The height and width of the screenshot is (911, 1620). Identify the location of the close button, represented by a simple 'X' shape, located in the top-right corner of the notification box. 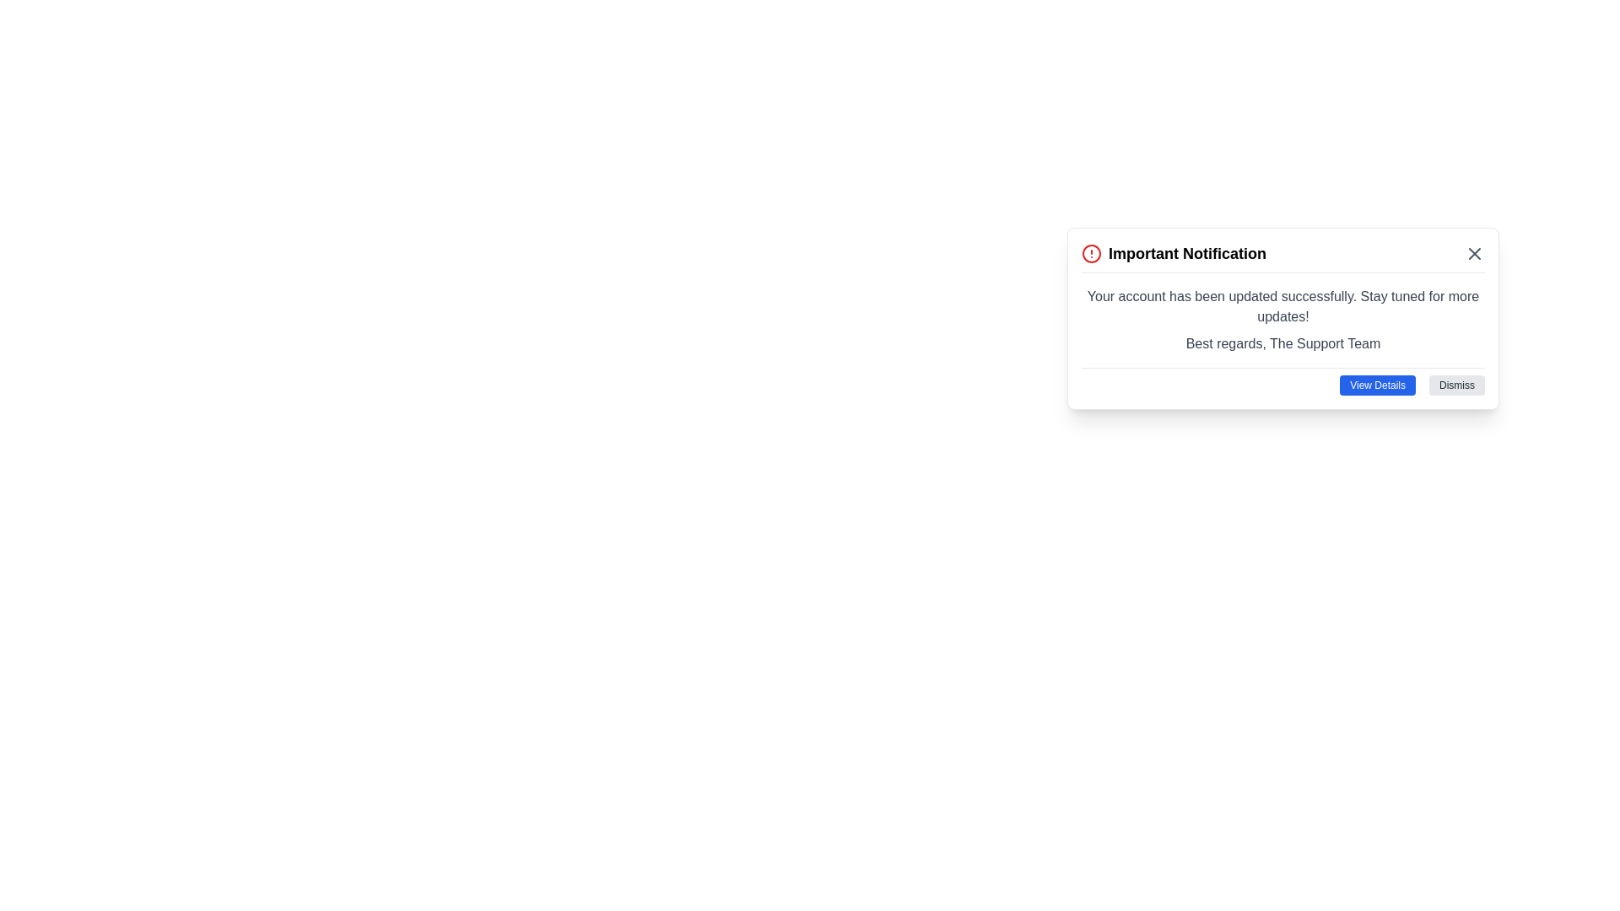
(1473, 253).